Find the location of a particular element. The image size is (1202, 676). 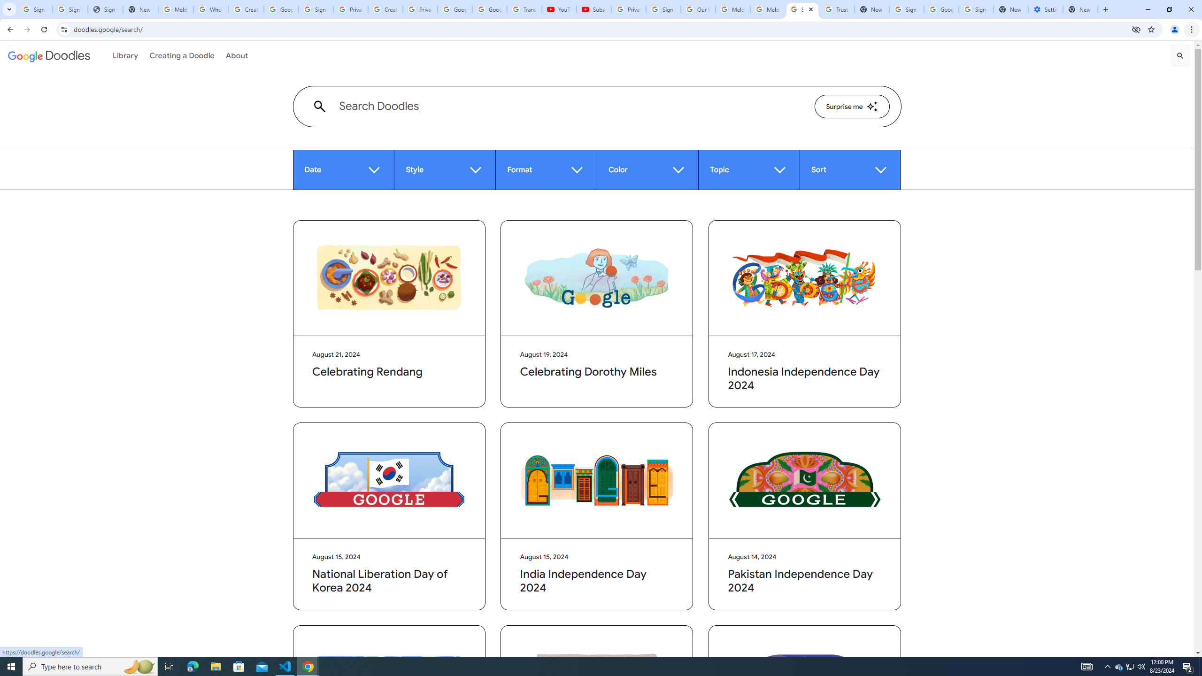

'Format' is located at coordinates (545, 169).